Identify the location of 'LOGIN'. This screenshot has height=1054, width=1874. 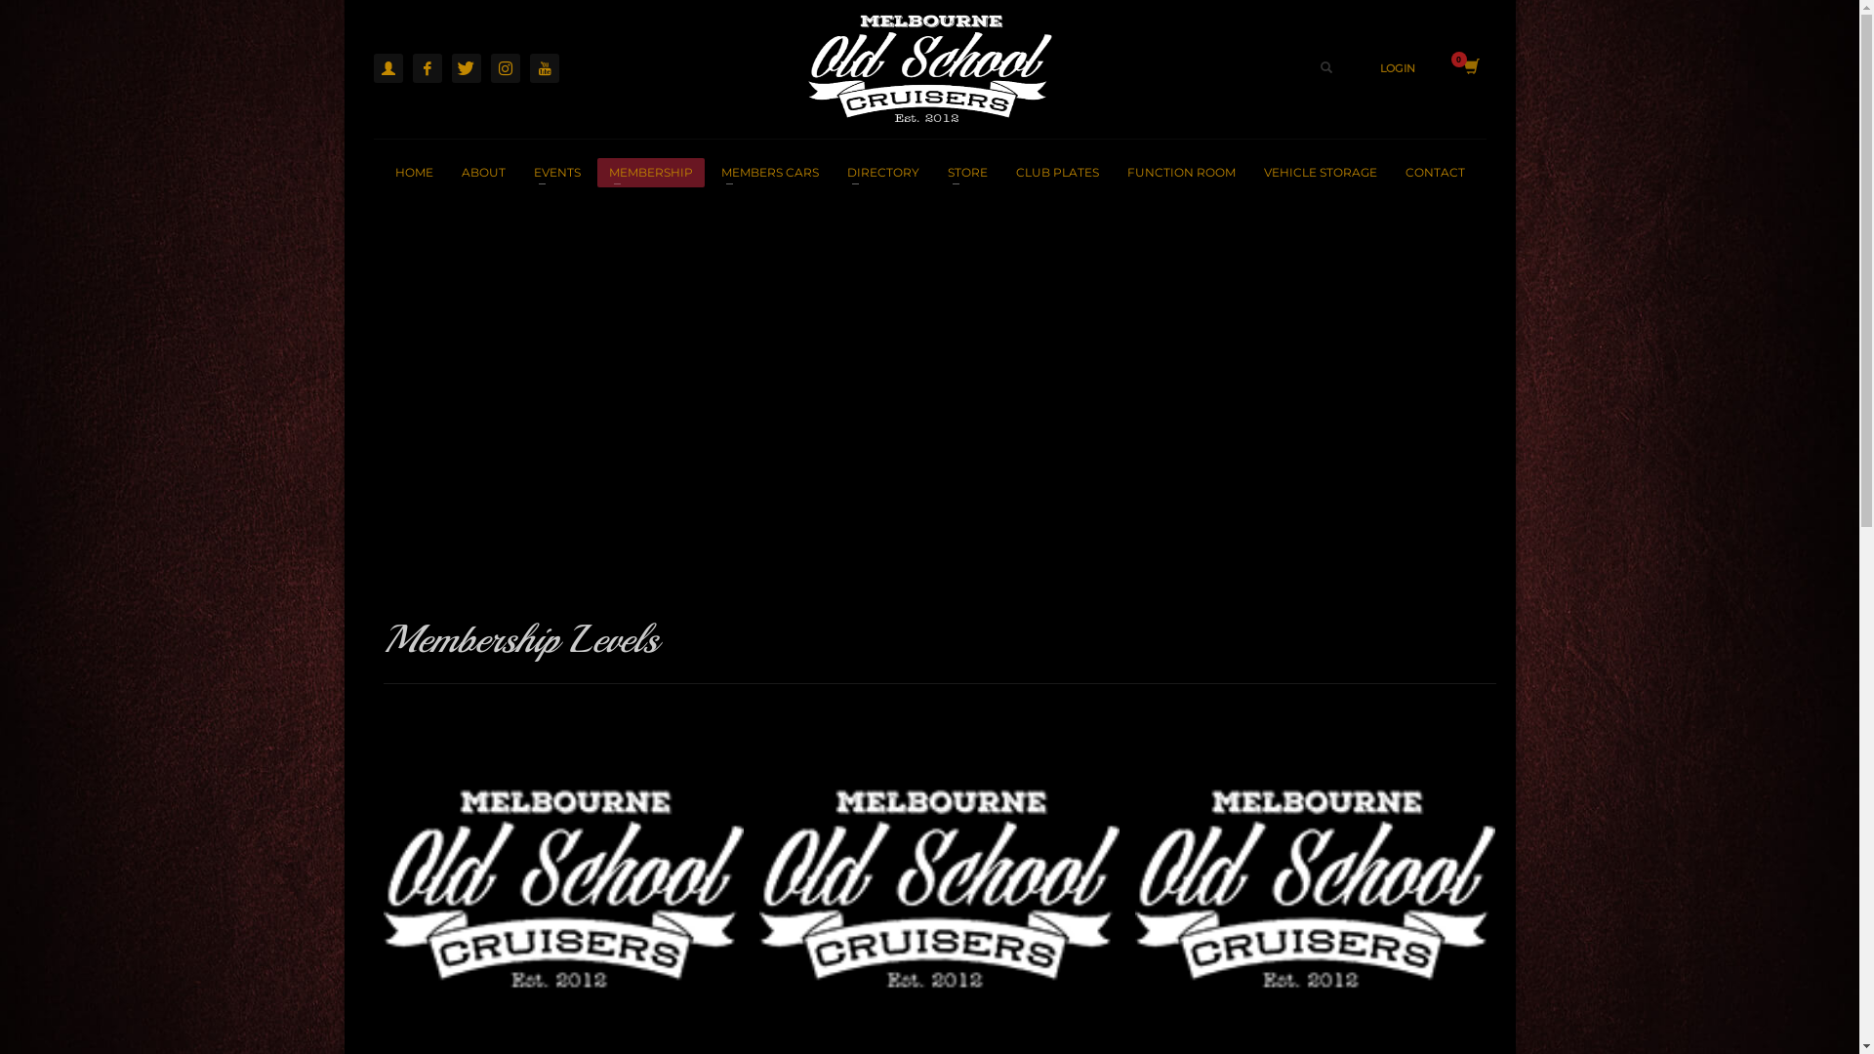
(1396, 66).